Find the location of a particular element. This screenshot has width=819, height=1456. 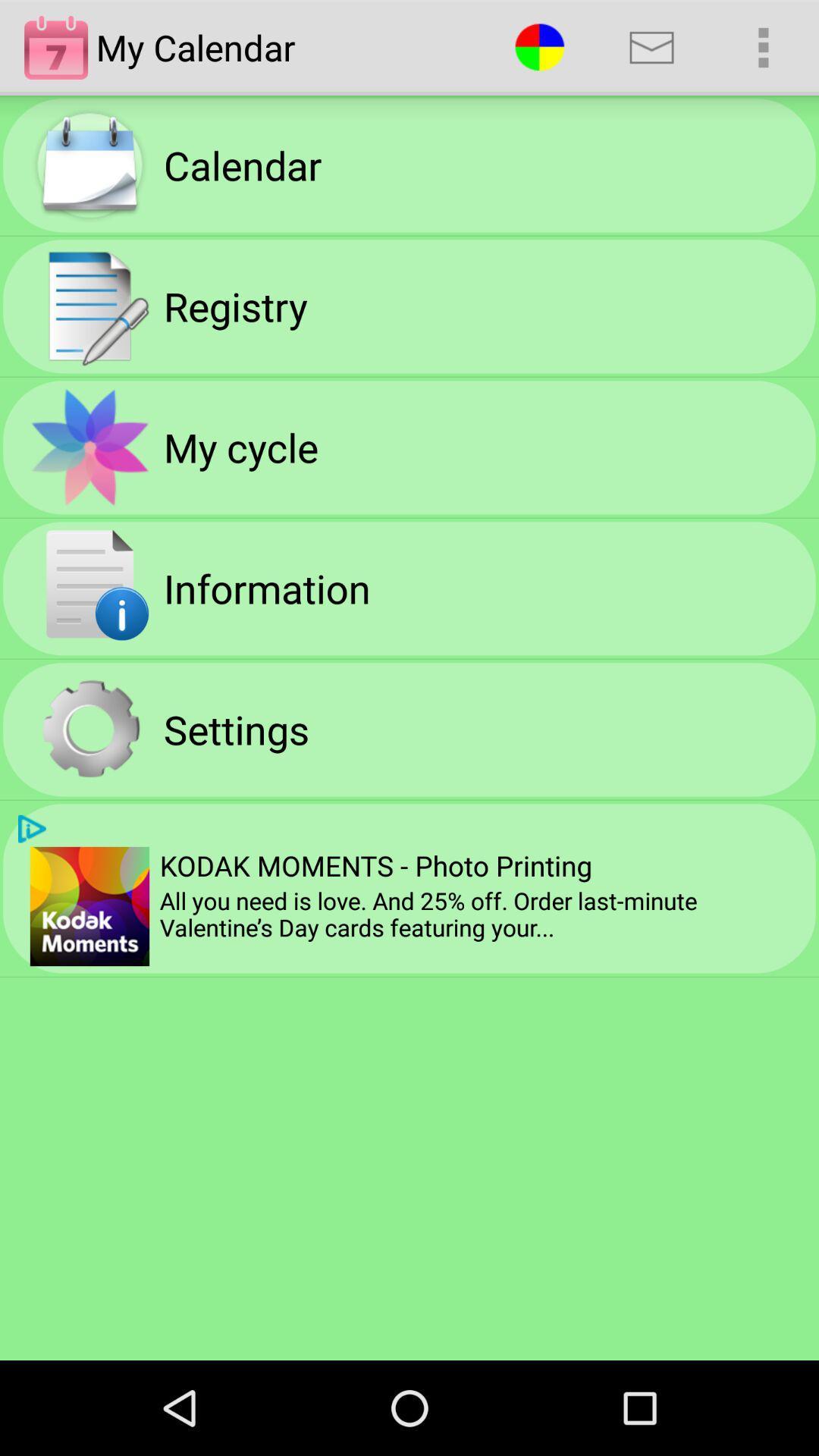

the app next to the my calendar is located at coordinates (539, 47).